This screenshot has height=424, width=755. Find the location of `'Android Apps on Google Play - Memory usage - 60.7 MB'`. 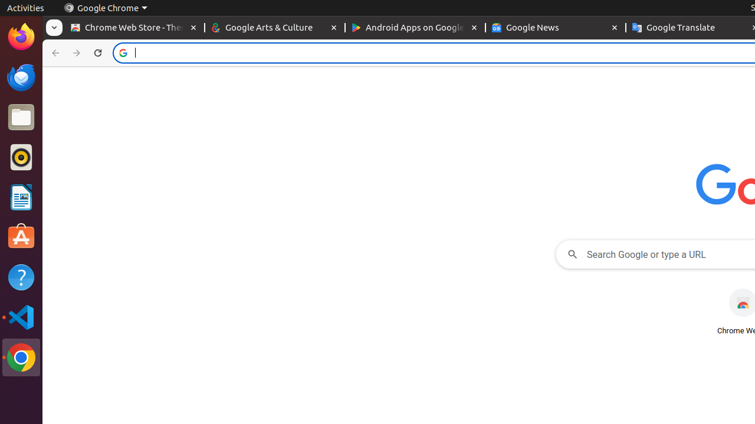

'Android Apps on Google Play - Memory usage - 60.7 MB' is located at coordinates (415, 27).